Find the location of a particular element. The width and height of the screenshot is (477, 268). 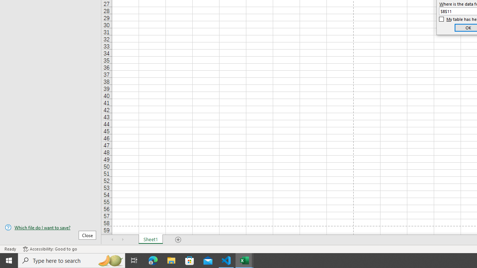

'Sheet1' is located at coordinates (150, 240).